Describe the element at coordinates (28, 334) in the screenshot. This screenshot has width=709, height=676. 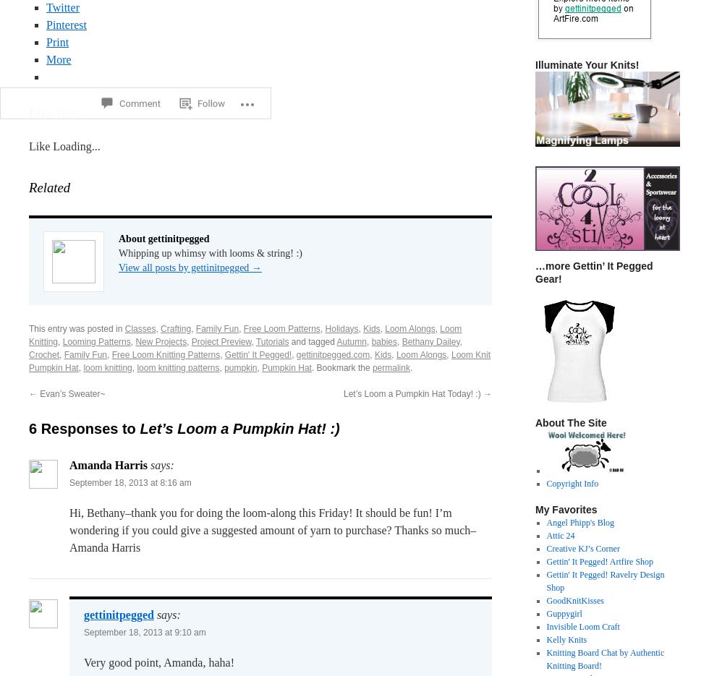
I see `'Loom Knitting'` at that location.